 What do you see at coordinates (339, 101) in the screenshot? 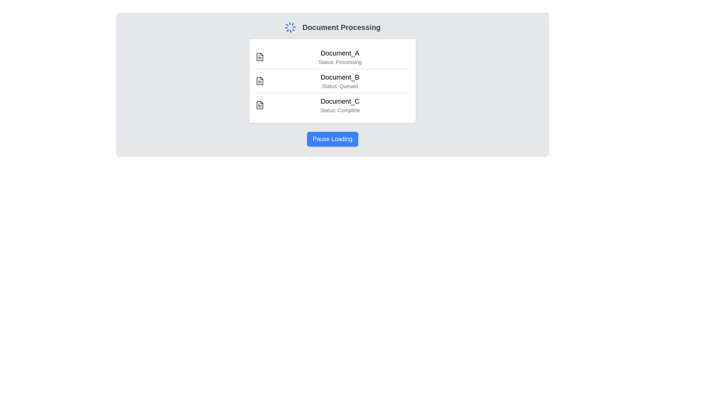
I see `the bold text label displaying 'Document_C', which is part of a list of documents and positioned above 'Status: Complete'` at bounding box center [339, 101].